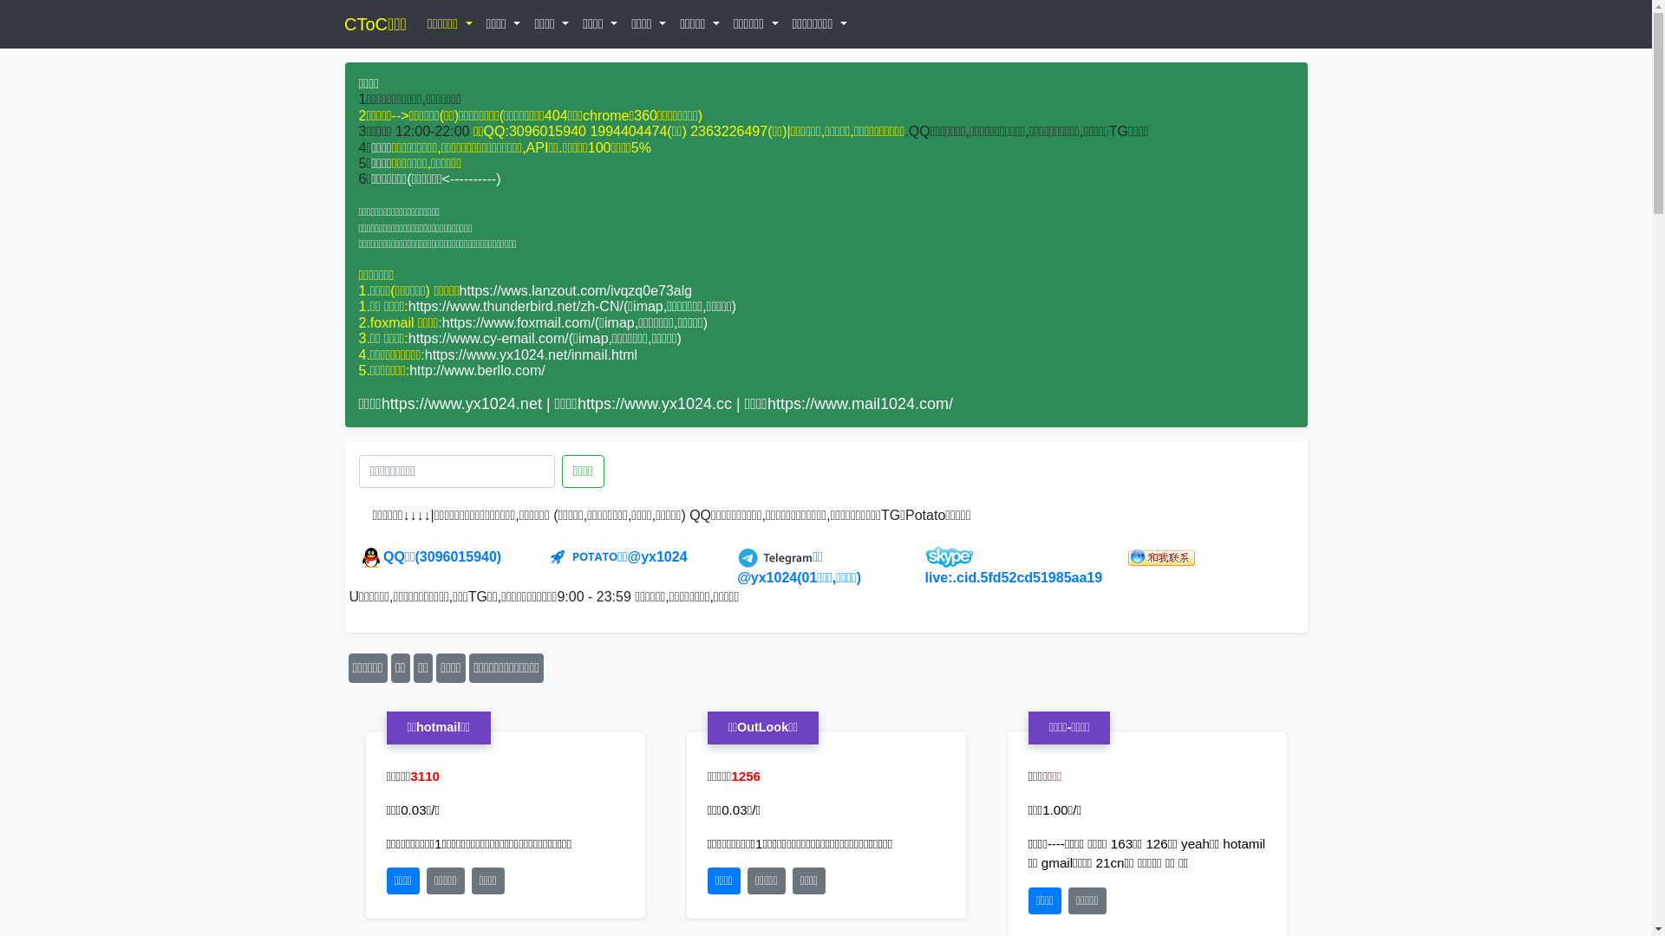  What do you see at coordinates (461, 404) in the screenshot?
I see `'https://www.yx1024.net'` at bounding box center [461, 404].